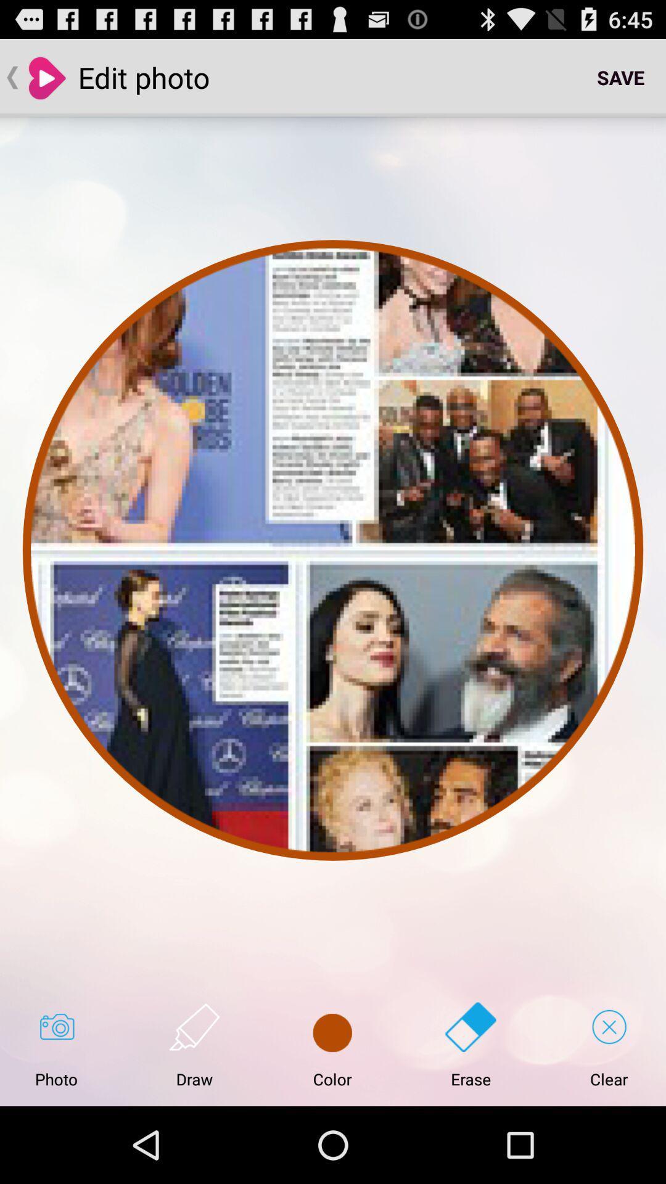 The height and width of the screenshot is (1184, 666). What do you see at coordinates (194, 1045) in the screenshot?
I see `the button next to photo button` at bounding box center [194, 1045].